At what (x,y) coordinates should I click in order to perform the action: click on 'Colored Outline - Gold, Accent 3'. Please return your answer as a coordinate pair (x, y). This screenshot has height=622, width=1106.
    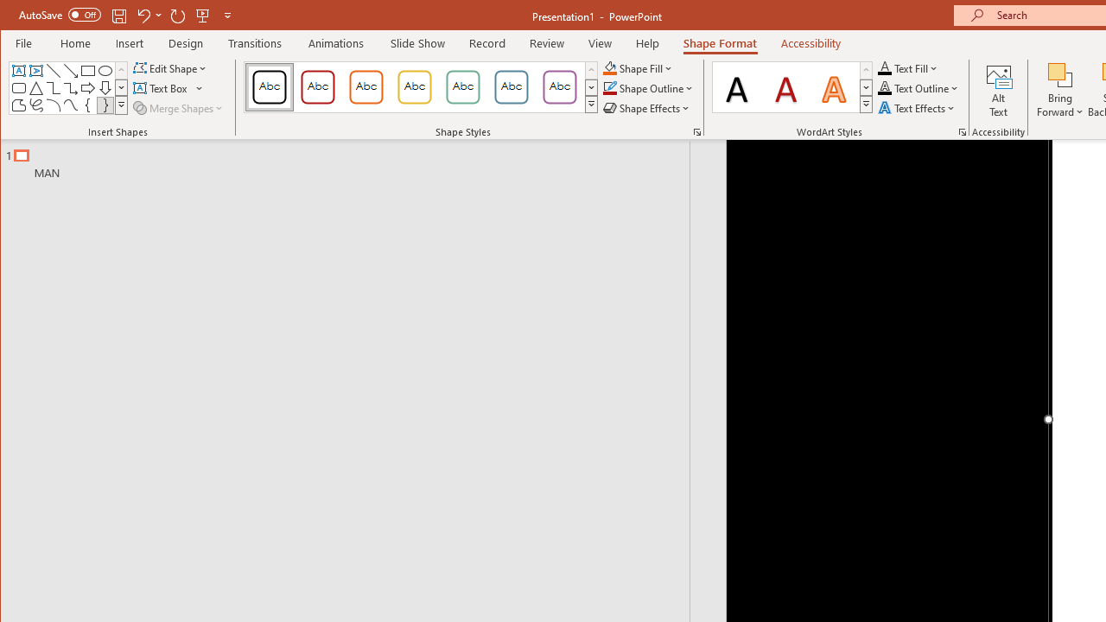
    Looking at the image, I should click on (415, 86).